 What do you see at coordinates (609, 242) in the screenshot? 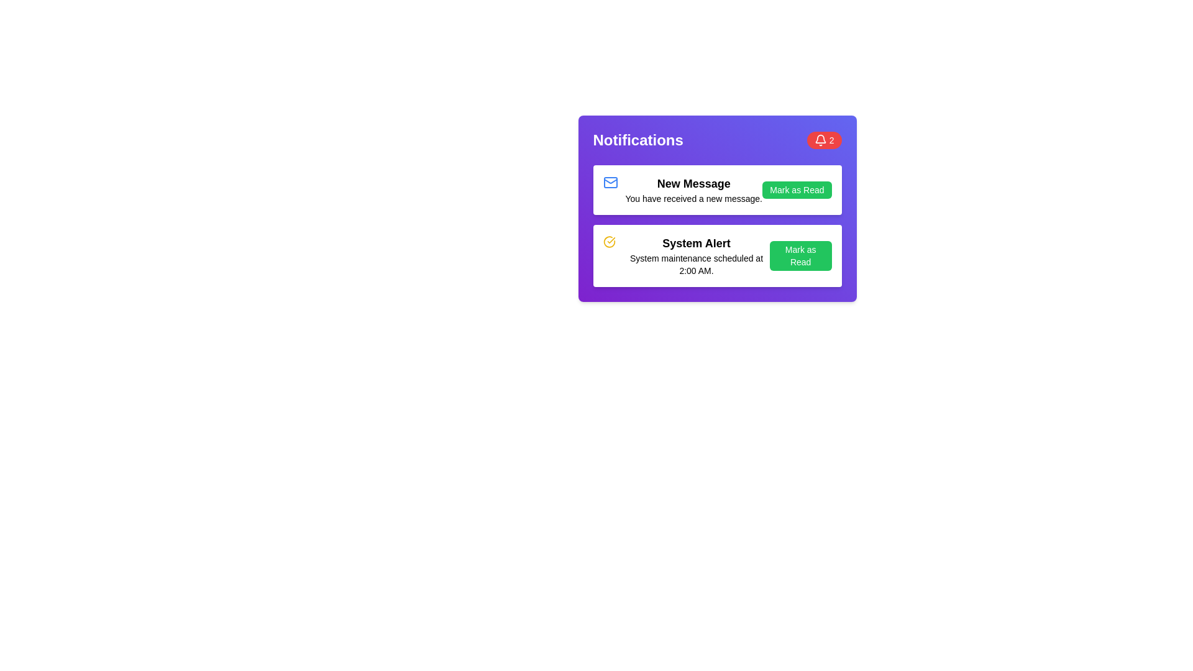
I see `the circular static icon with a yellow outline and checkmark in the center, located at the beginning of the 'System Alert' notification row` at bounding box center [609, 242].